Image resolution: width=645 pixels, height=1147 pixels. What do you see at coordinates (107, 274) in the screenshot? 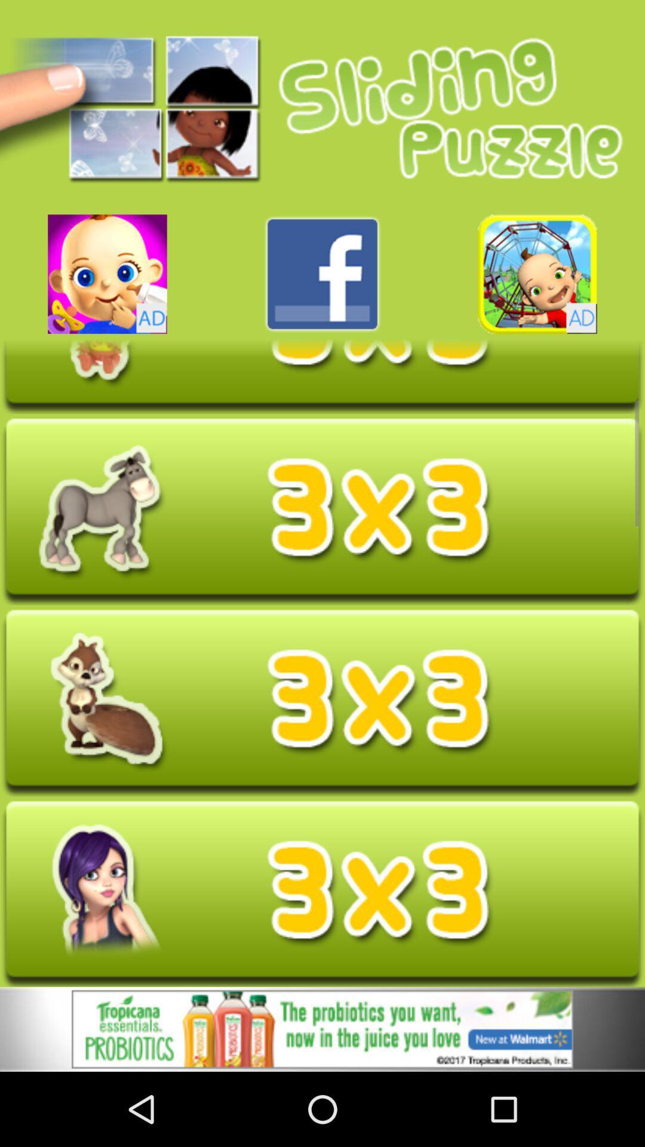
I see `choose the game` at bounding box center [107, 274].